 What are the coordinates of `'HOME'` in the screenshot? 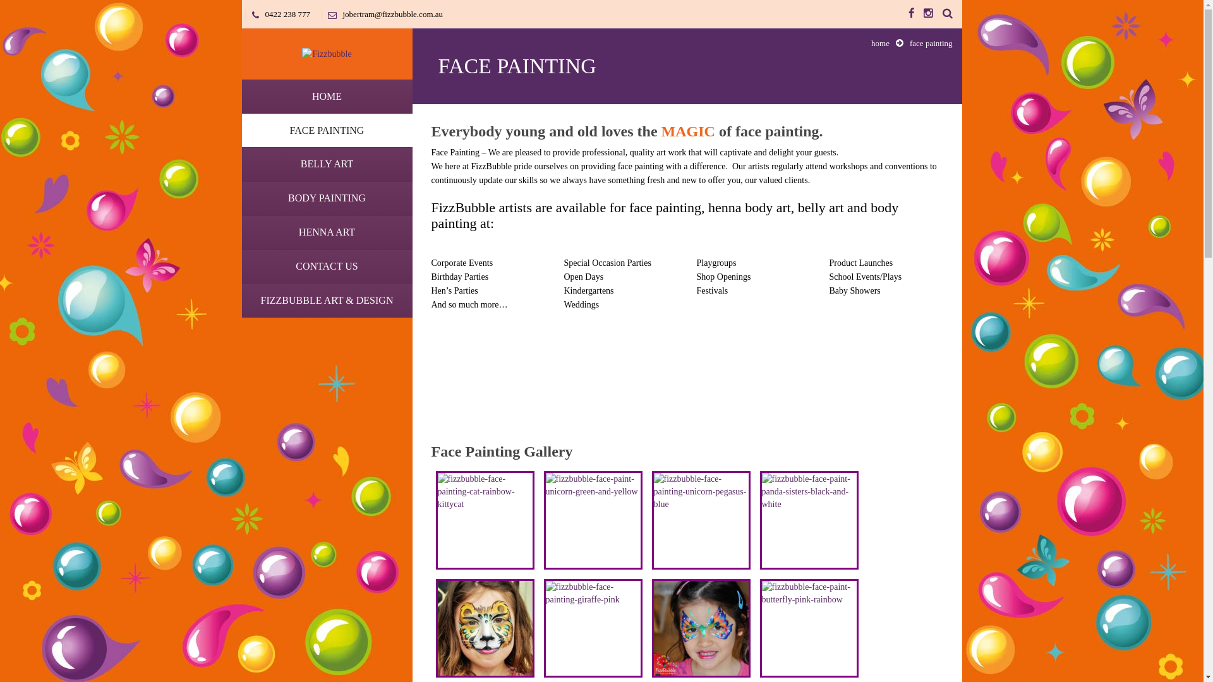 It's located at (327, 96).